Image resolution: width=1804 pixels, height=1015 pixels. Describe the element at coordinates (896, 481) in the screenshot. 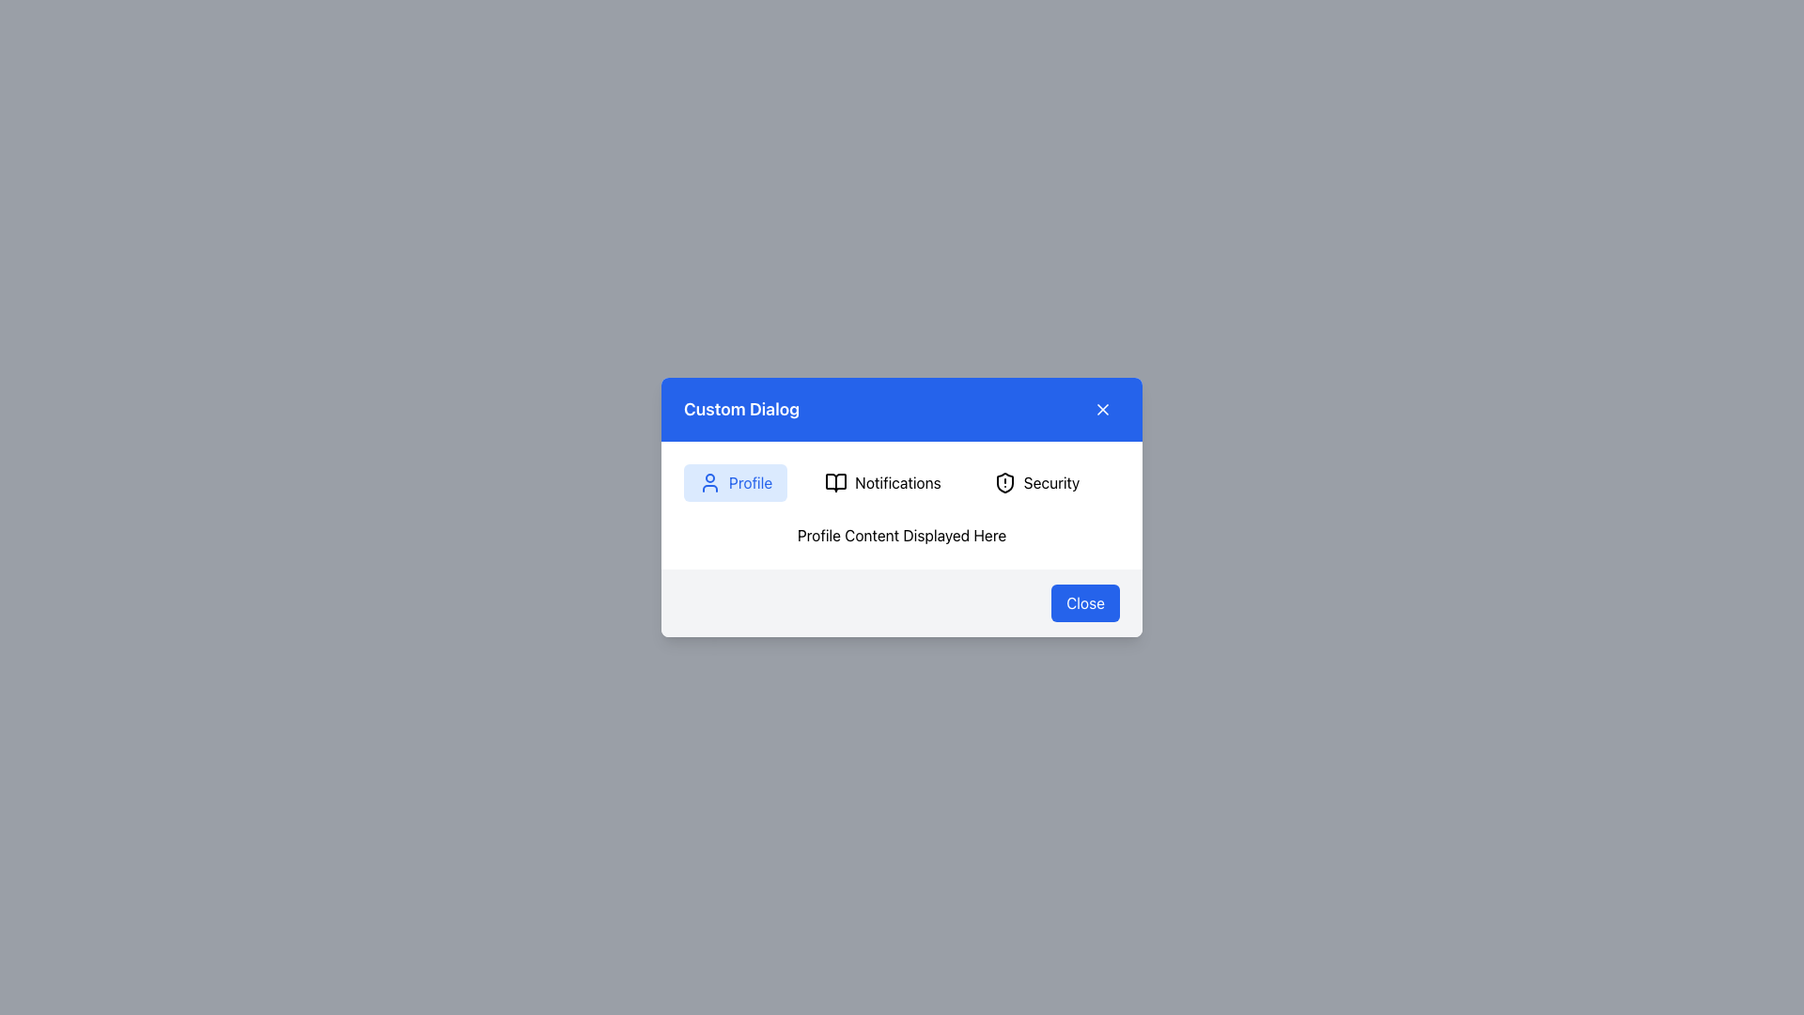

I see `the 'Notifications' text element in the navigation menu` at that location.